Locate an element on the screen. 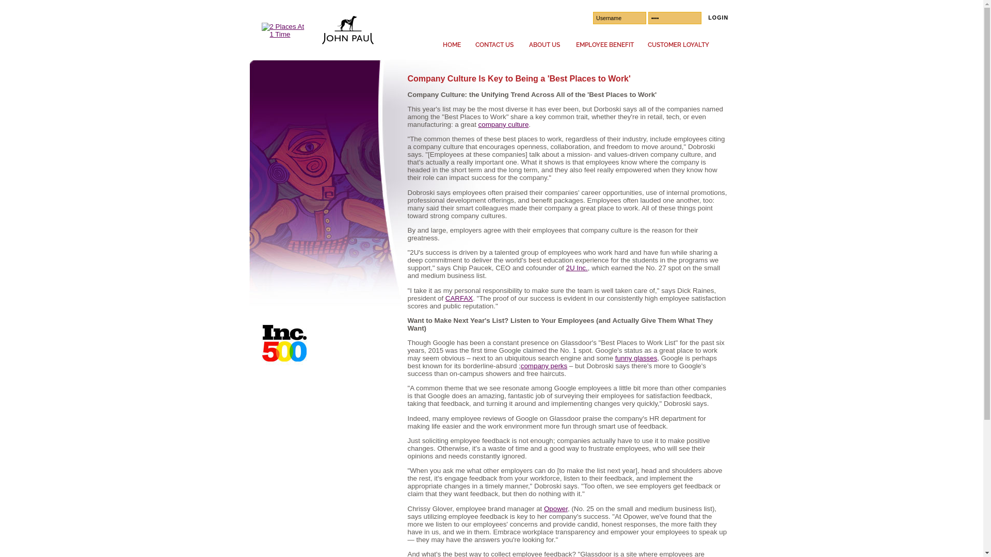  'LOGIN' is located at coordinates (702, 18).